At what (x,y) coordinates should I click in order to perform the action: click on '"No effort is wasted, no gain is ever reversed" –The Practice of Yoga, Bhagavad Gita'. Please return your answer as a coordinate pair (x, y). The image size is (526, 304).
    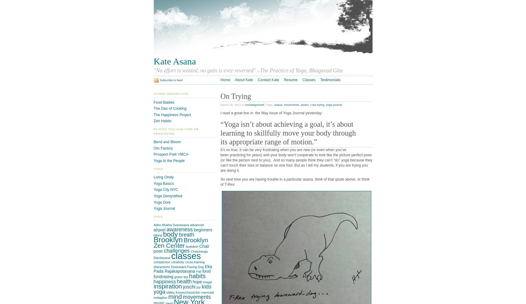
    Looking at the image, I should click on (248, 70).